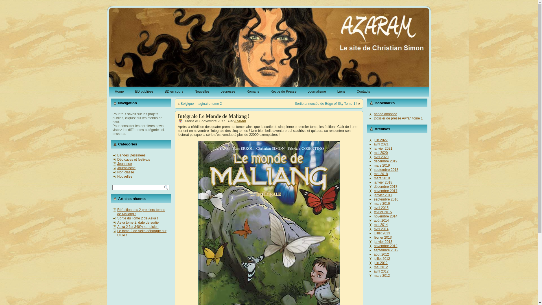 The height and width of the screenshot is (305, 542). What do you see at coordinates (374, 241) in the screenshot?
I see `'janvier 2013'` at bounding box center [374, 241].